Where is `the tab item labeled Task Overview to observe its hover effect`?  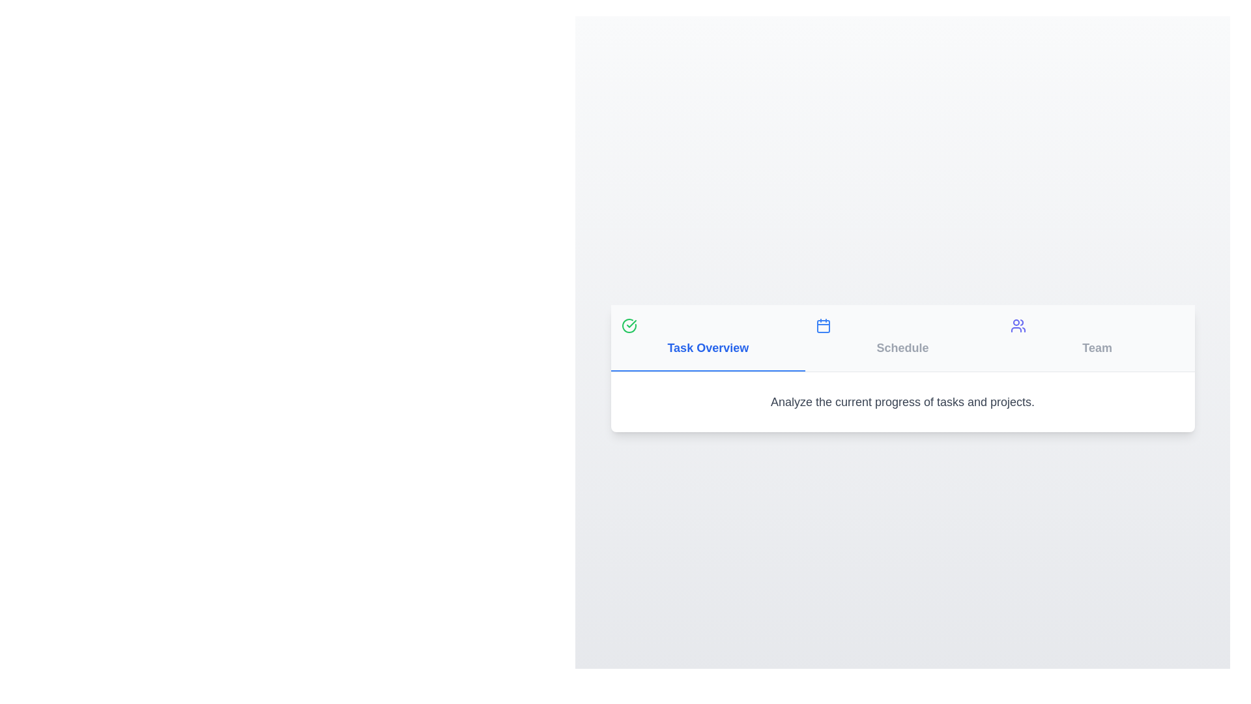 the tab item labeled Task Overview to observe its hover effect is located at coordinates (707, 337).